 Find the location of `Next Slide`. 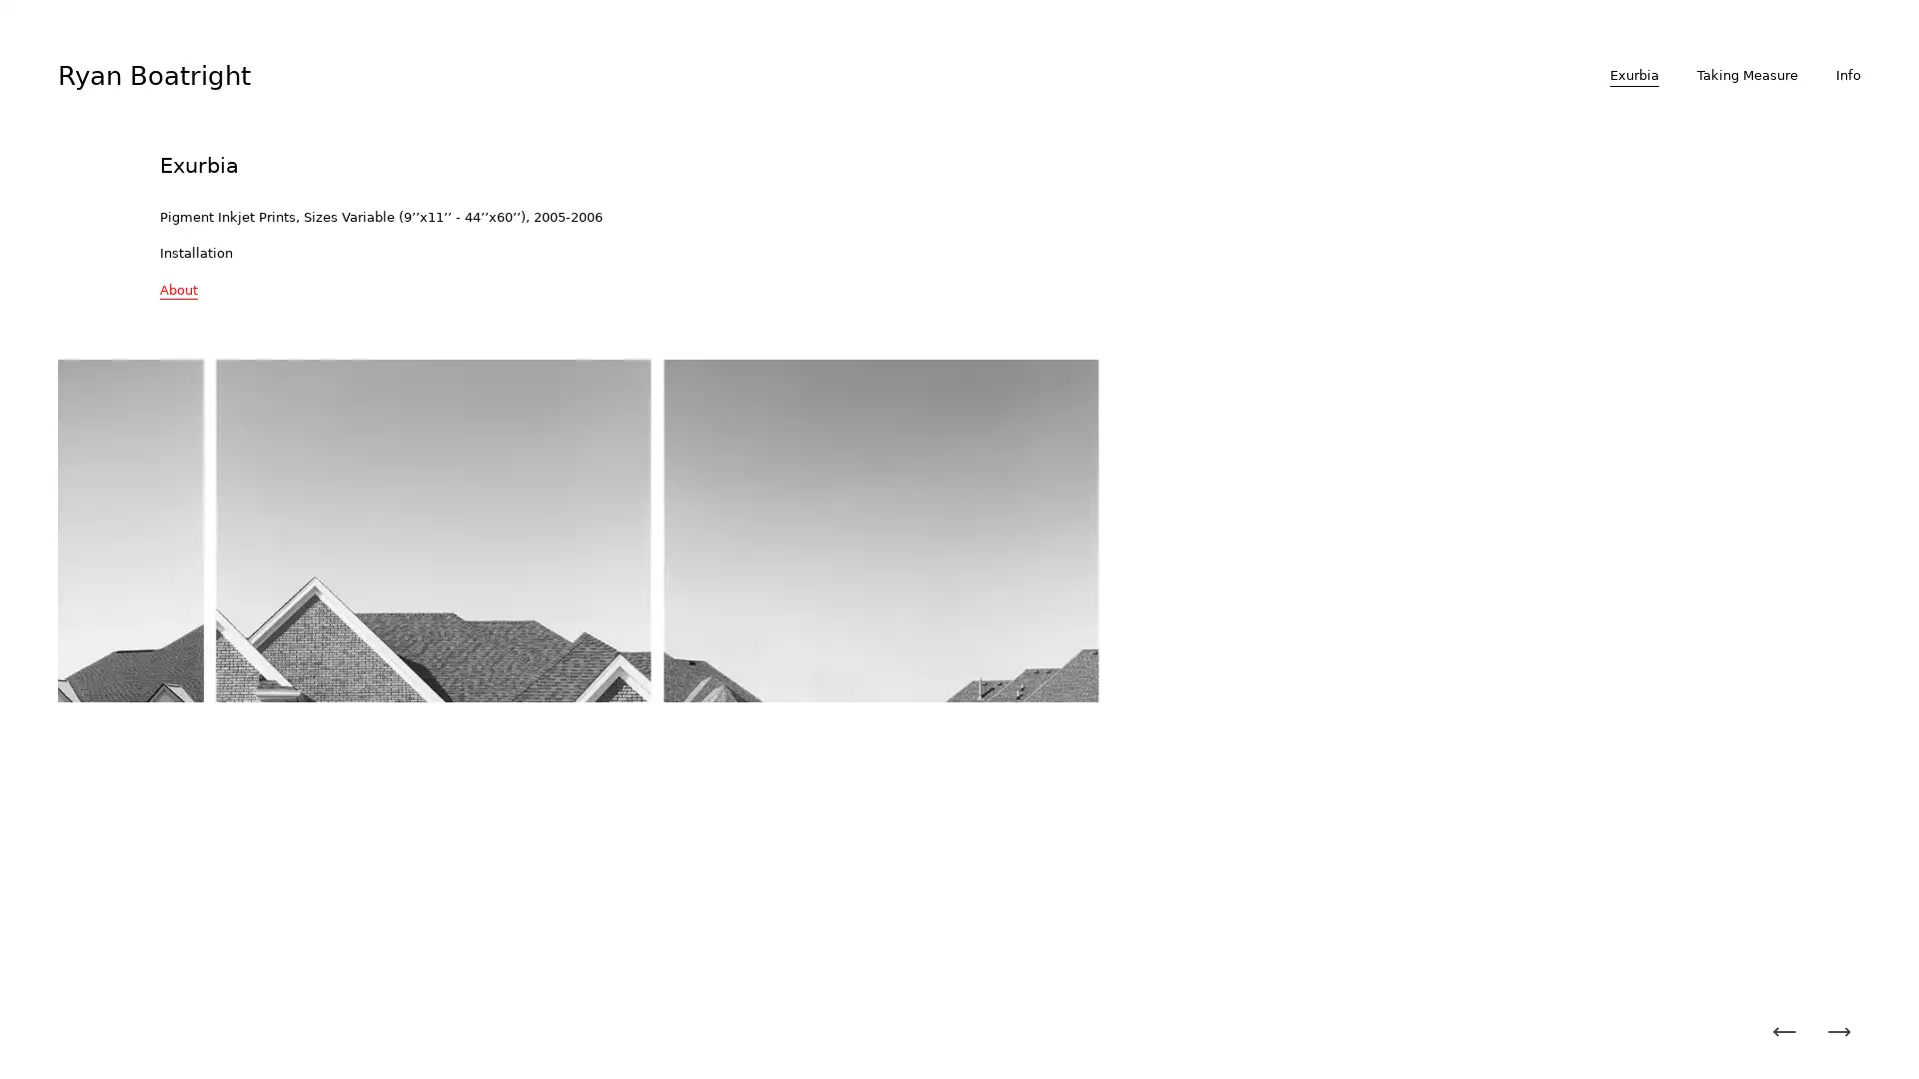

Next Slide is located at coordinates (1838, 1031).